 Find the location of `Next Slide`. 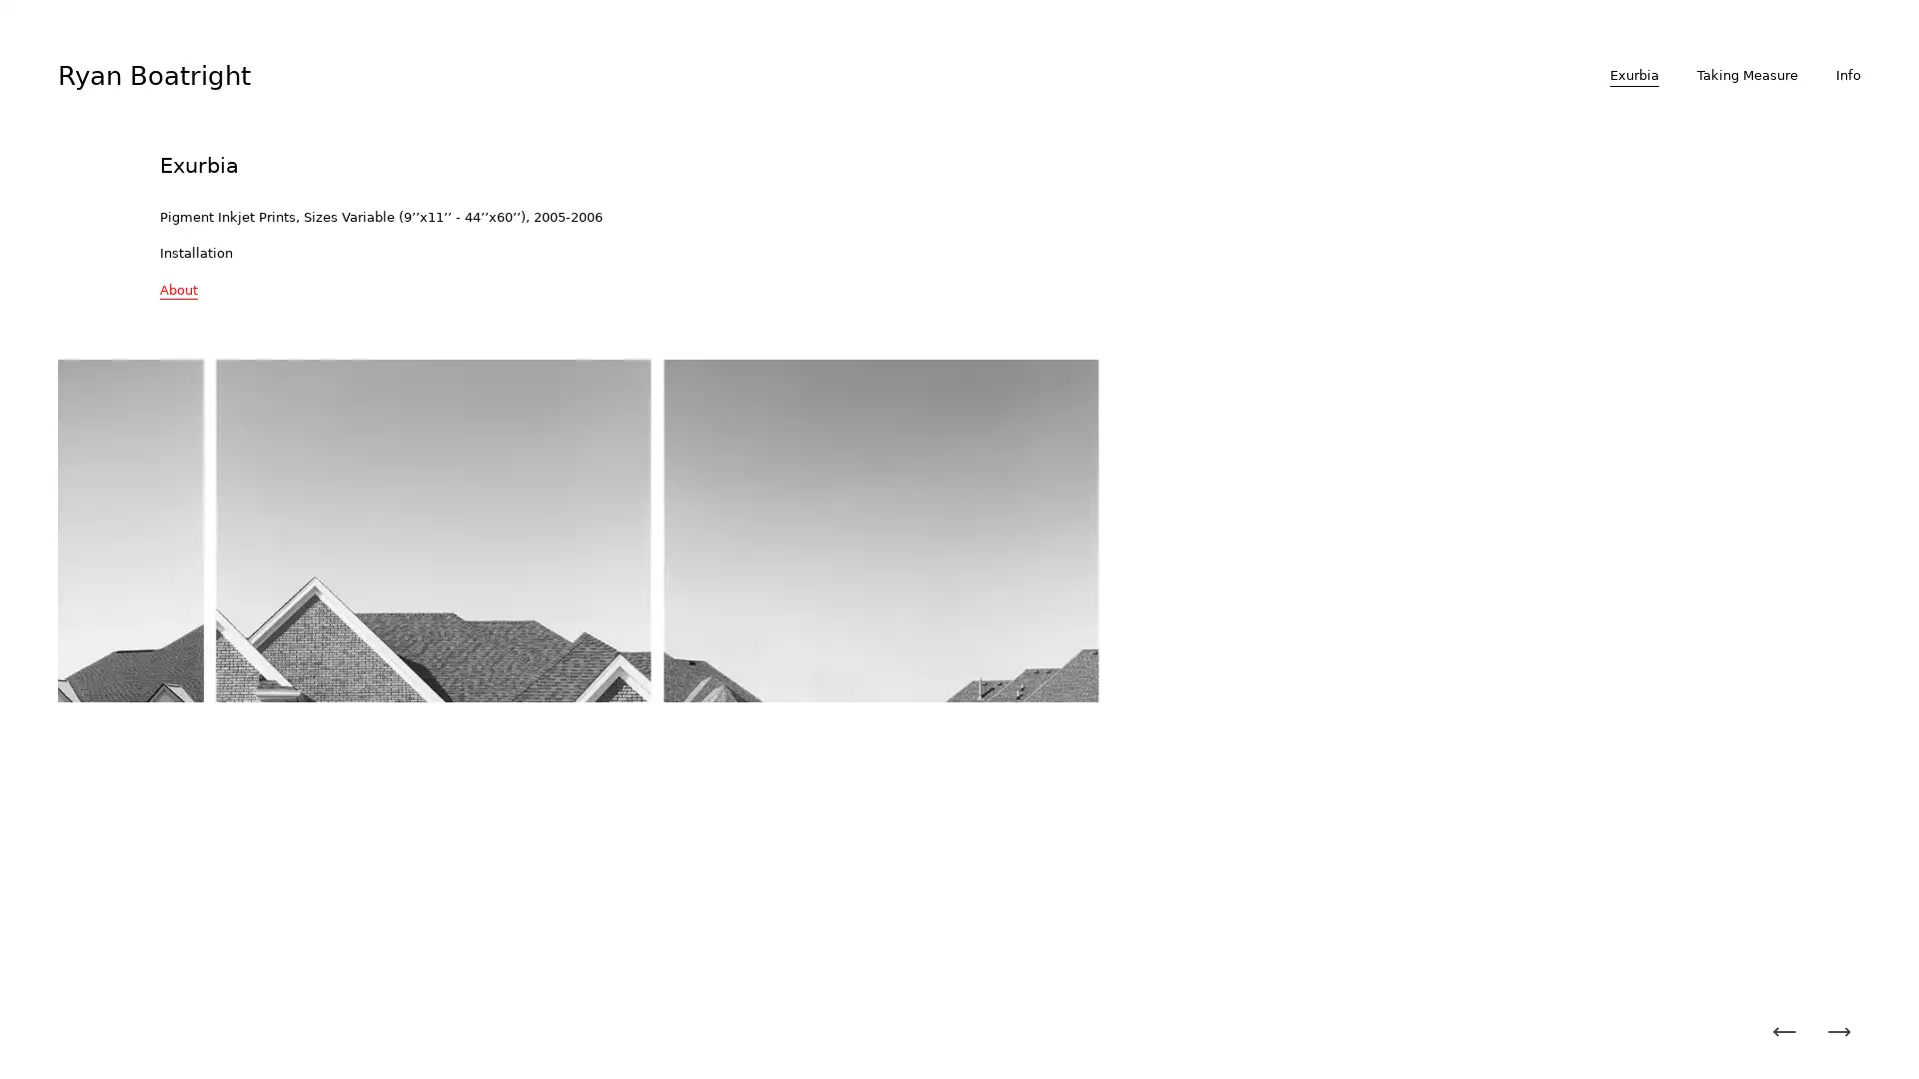

Next Slide is located at coordinates (1838, 1031).